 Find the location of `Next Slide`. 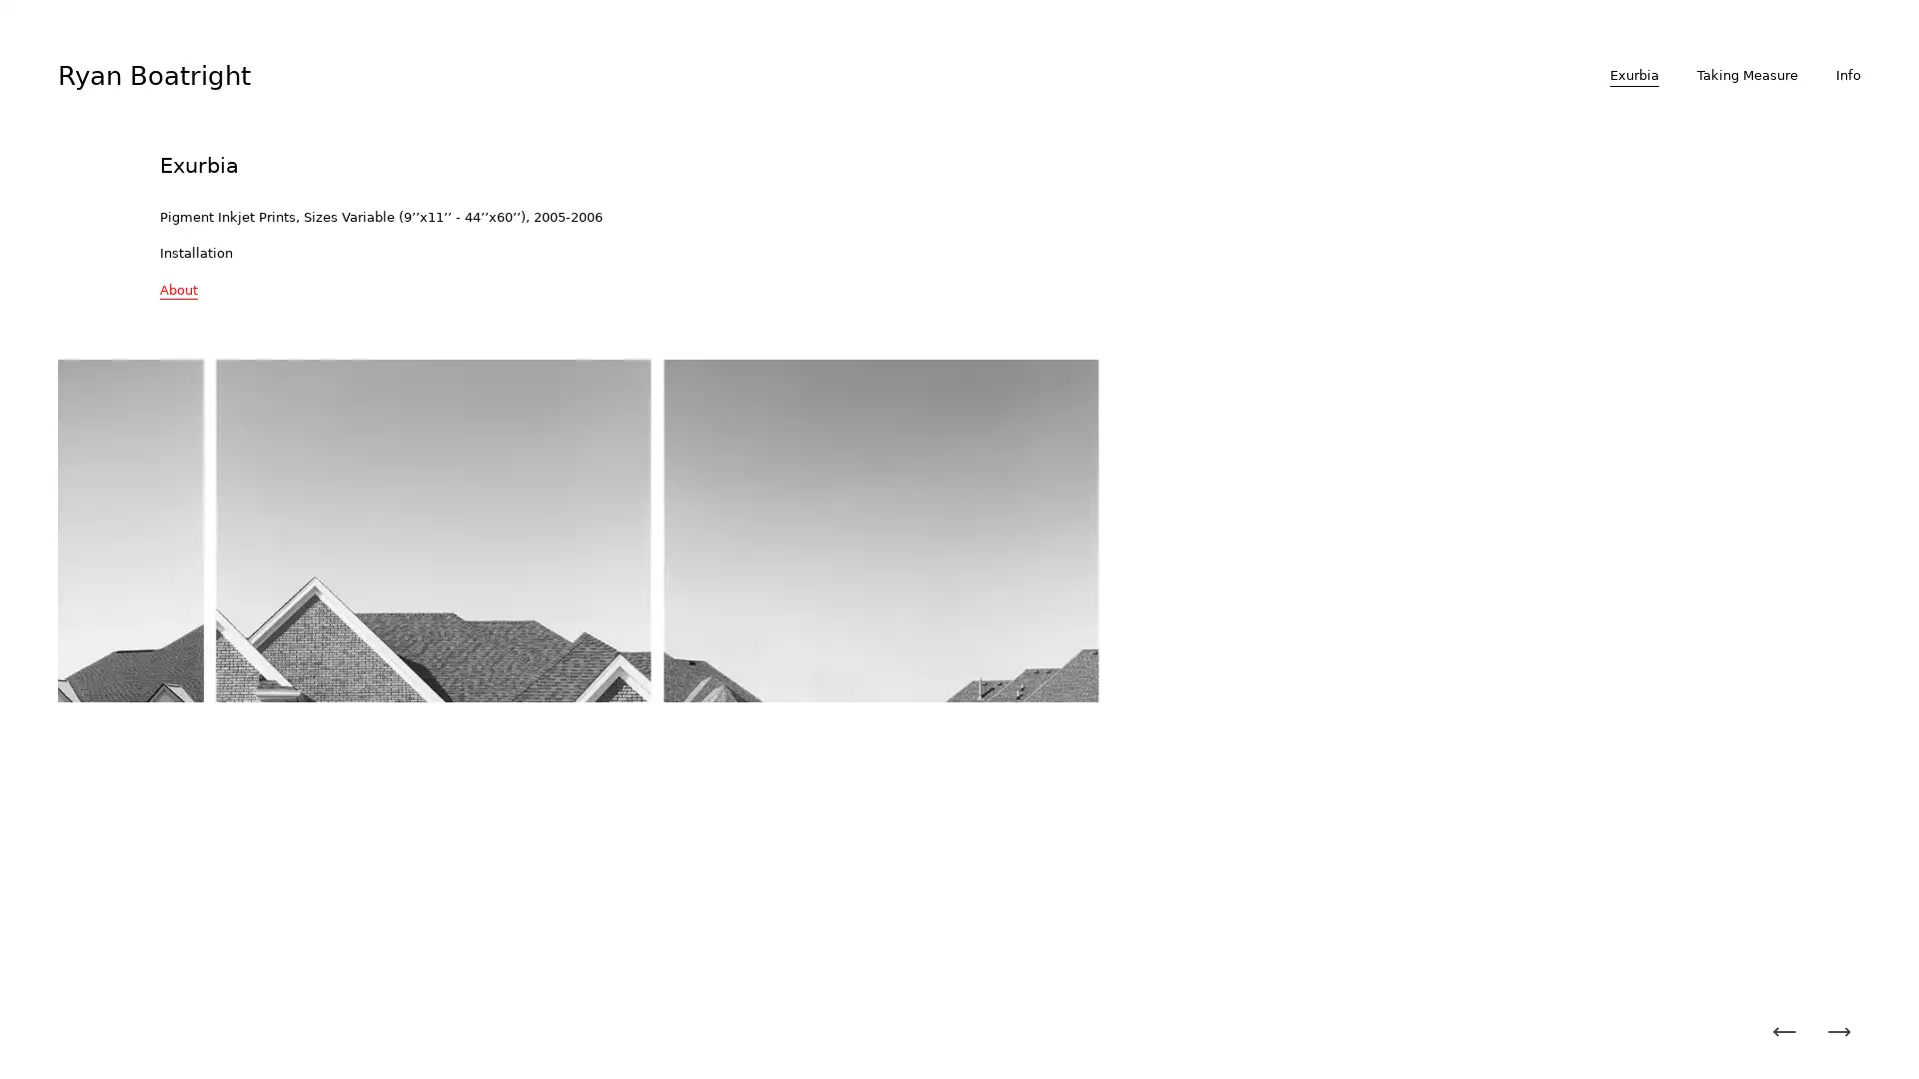

Next Slide is located at coordinates (1838, 1031).